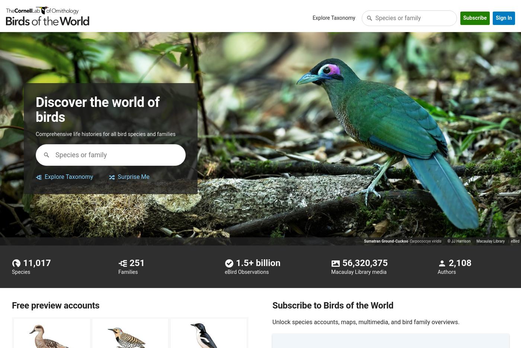 Image resolution: width=521 pixels, height=348 pixels. Describe the element at coordinates (448, 262) in the screenshot. I see `'2,108'` at that location.